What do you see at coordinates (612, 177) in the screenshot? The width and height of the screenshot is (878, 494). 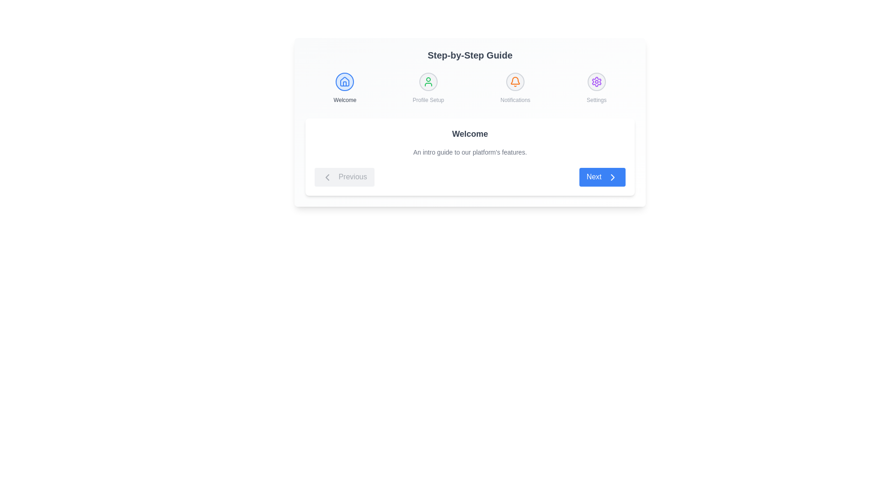 I see `the right-facing chevron icon used for navigation, located to the right of the 'Next' button` at bounding box center [612, 177].